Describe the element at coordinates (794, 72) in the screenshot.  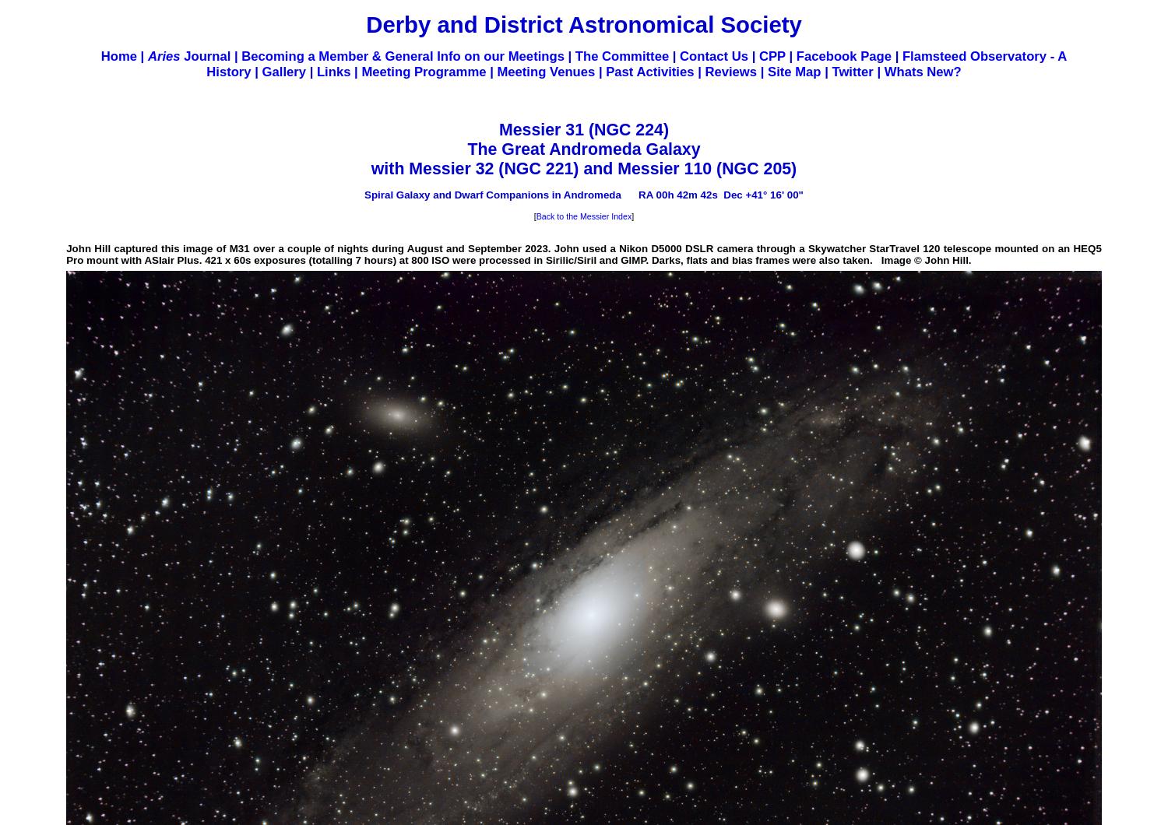
I see `'Site Map'` at that location.